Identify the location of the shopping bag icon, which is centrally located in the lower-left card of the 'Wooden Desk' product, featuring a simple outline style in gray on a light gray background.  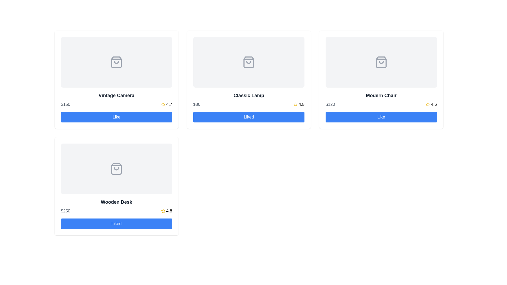
(116, 169).